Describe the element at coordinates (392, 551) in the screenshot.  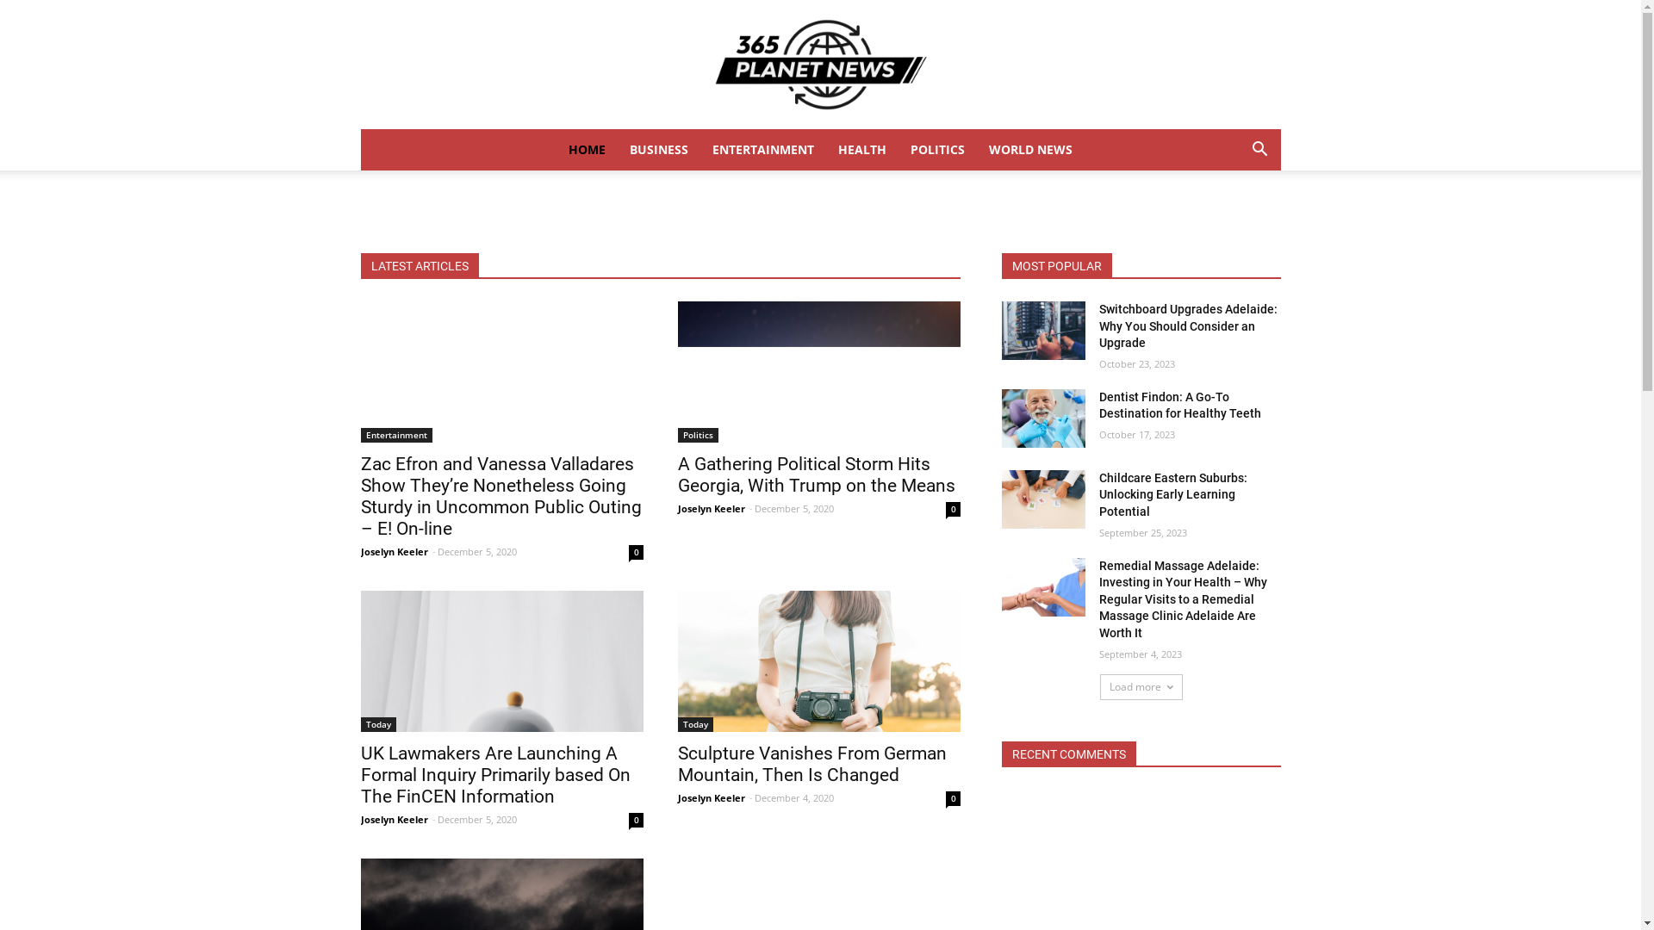
I see `'Joselyn Keeler'` at that location.